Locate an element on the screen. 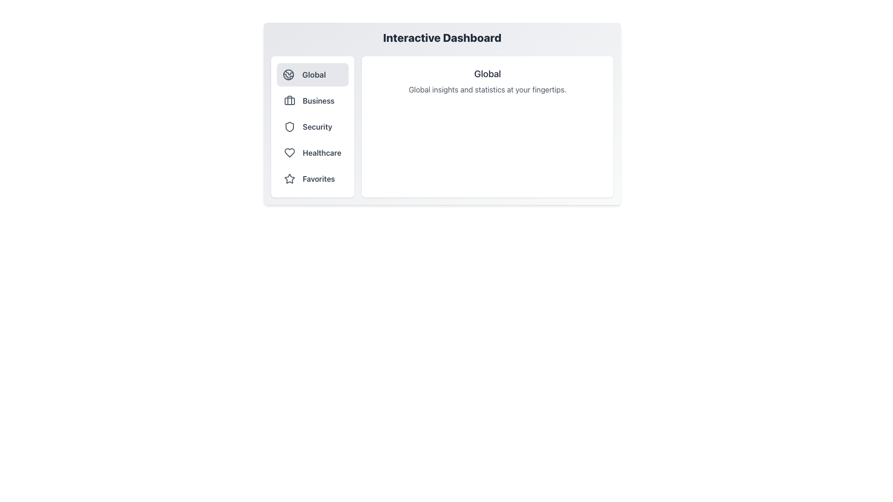 The width and height of the screenshot is (893, 502). the shield-shaped icon with a gray outline located in the sidebar menu under the 'Security' section, positioned as the third item in the navigation list is located at coordinates (289, 127).